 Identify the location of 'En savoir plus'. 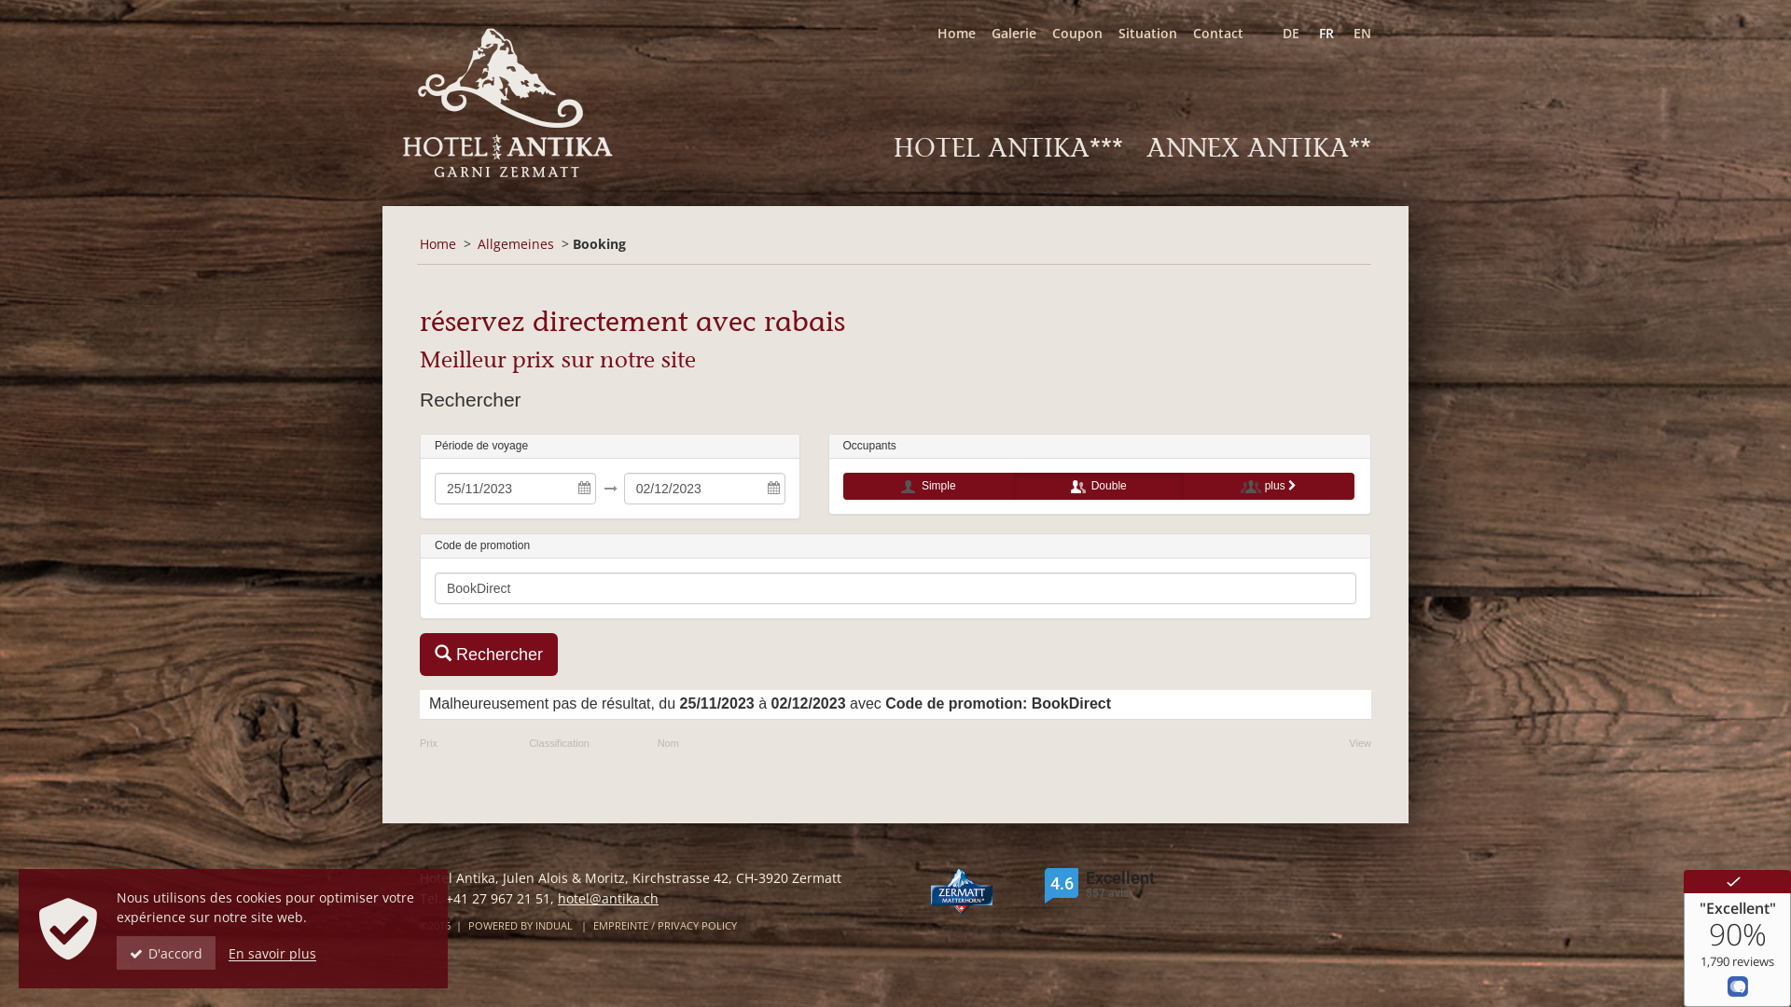
(271, 953).